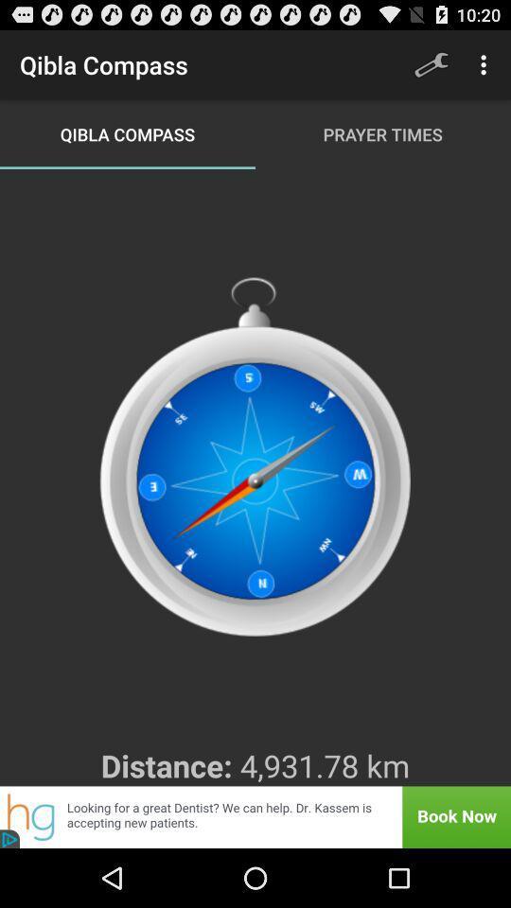 This screenshot has height=908, width=511. I want to click on the icon above the prayer times item, so click(431, 64).